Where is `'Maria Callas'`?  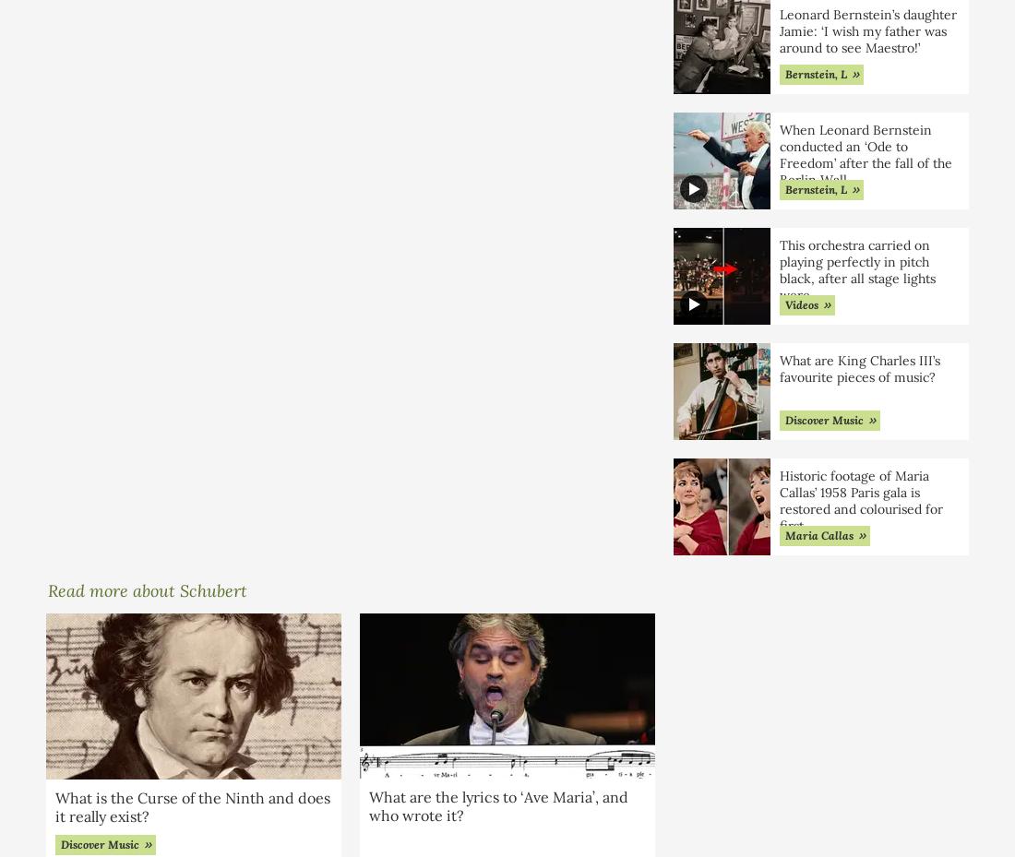
'Maria Callas' is located at coordinates (783, 533).